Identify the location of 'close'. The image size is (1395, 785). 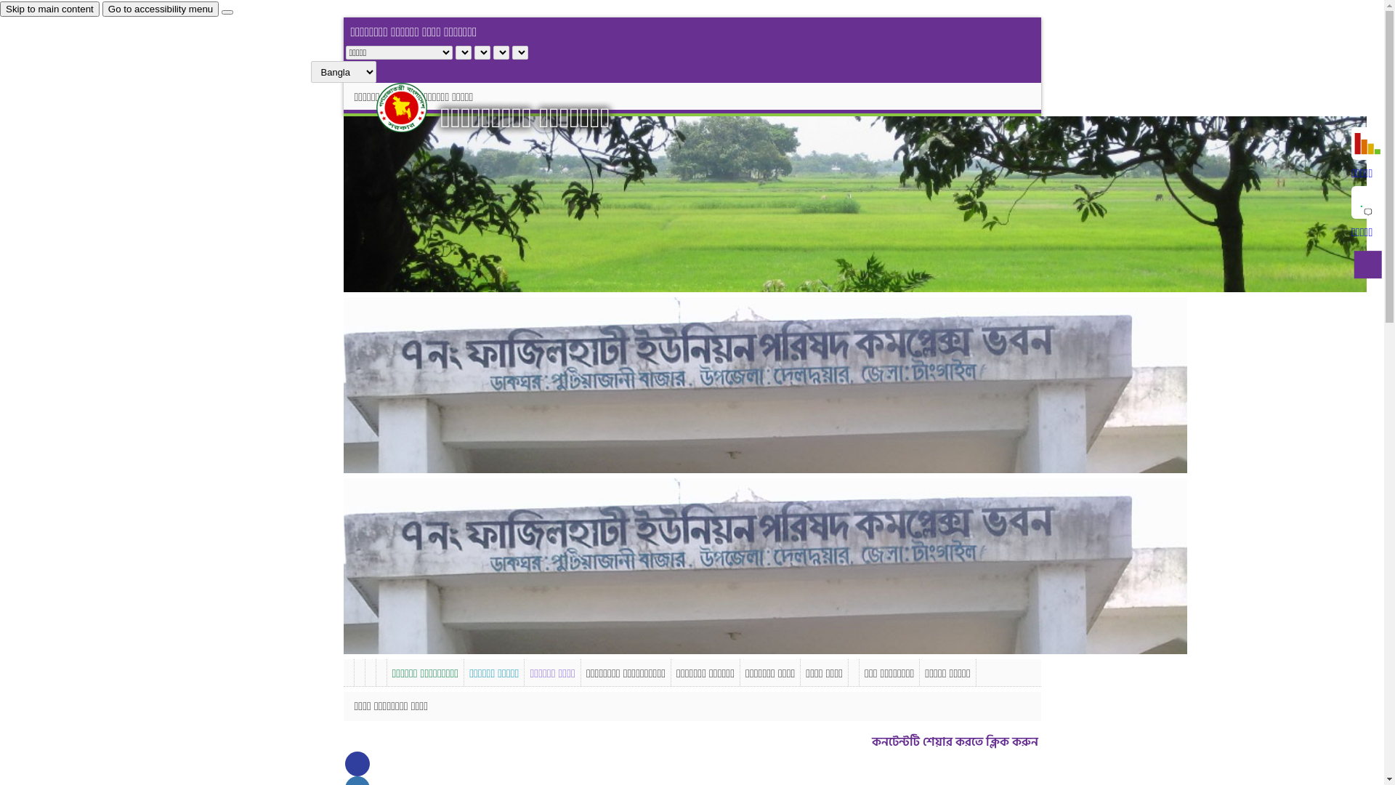
(226, 12).